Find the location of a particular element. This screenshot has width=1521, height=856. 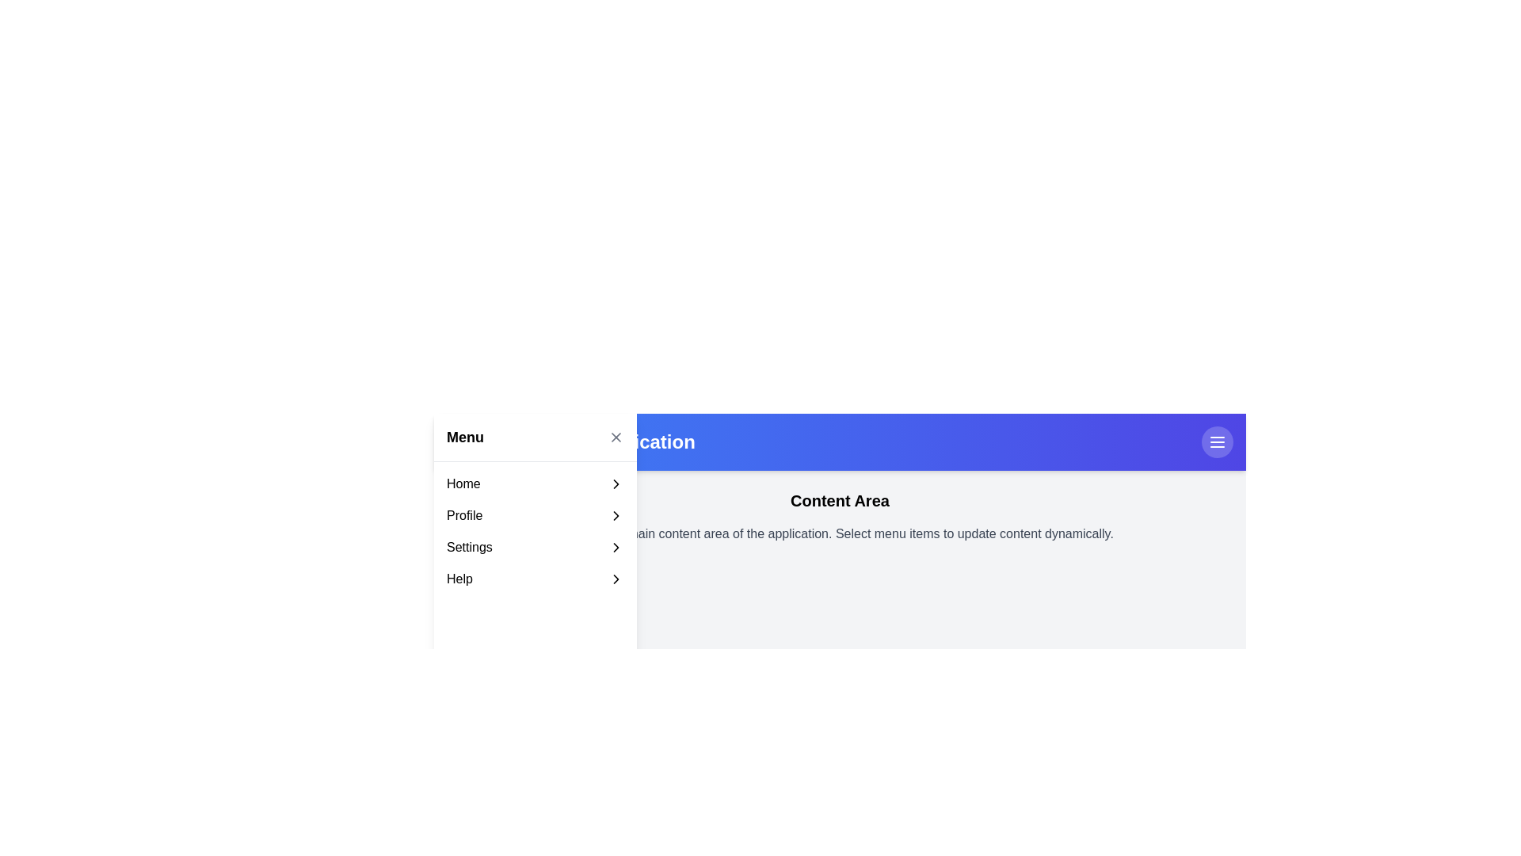

the rightward-pointing chevron icon located next to the 'Help' text in the menu is located at coordinates (615, 579).